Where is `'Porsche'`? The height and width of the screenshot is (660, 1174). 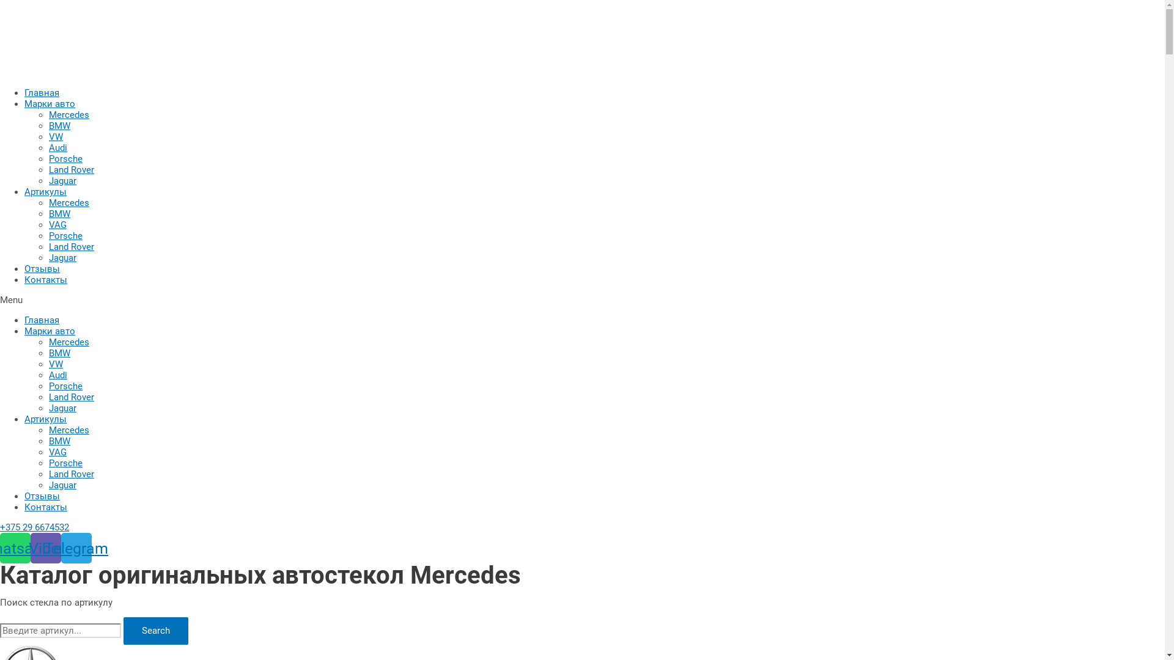
'Porsche' is located at coordinates (65, 235).